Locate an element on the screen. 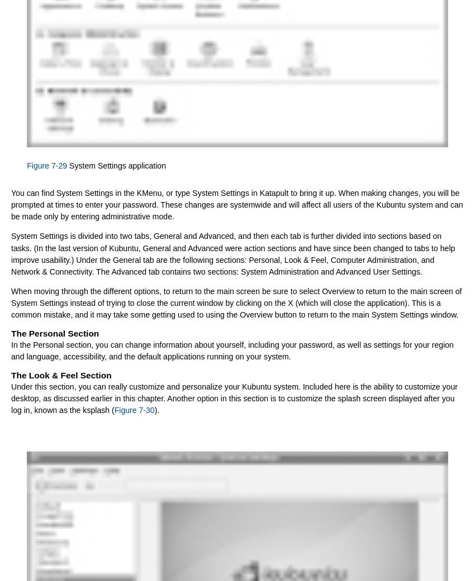 This screenshot has width=475, height=581. 'In the Personal section, you can change information about yourself, including your password, as well as settings for your region and language, accessibility, and the default applications running on your system.' is located at coordinates (10, 350).